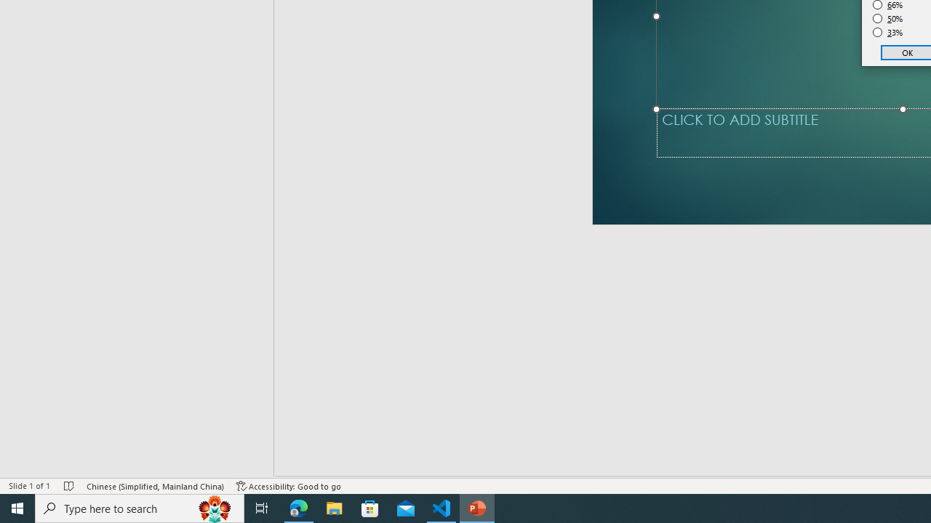  What do you see at coordinates (477, 507) in the screenshot?
I see `'PowerPoint - 1 running window'` at bounding box center [477, 507].